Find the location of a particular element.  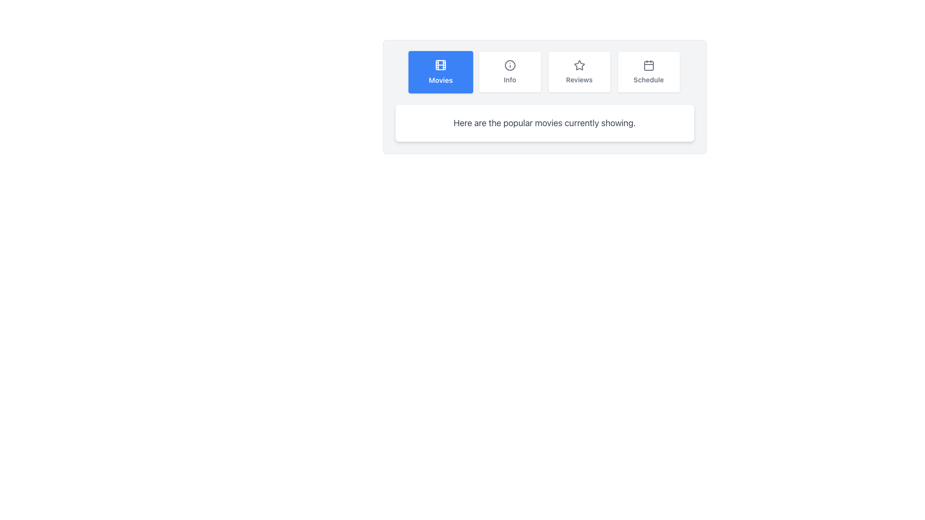

the 'Movies' button which contains the film icon, located in the upper portion of the button, centered at the coordinates provided is located at coordinates (440, 65).